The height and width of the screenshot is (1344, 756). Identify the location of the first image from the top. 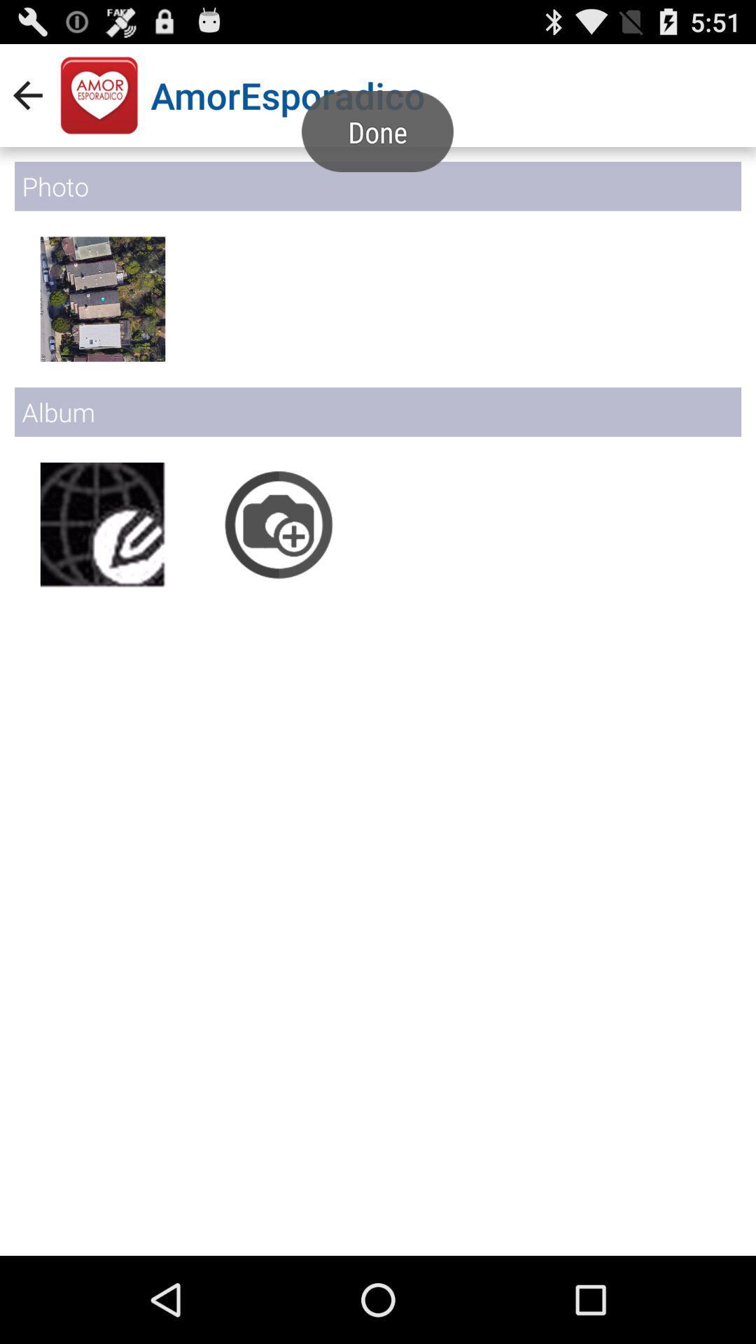
(101, 298).